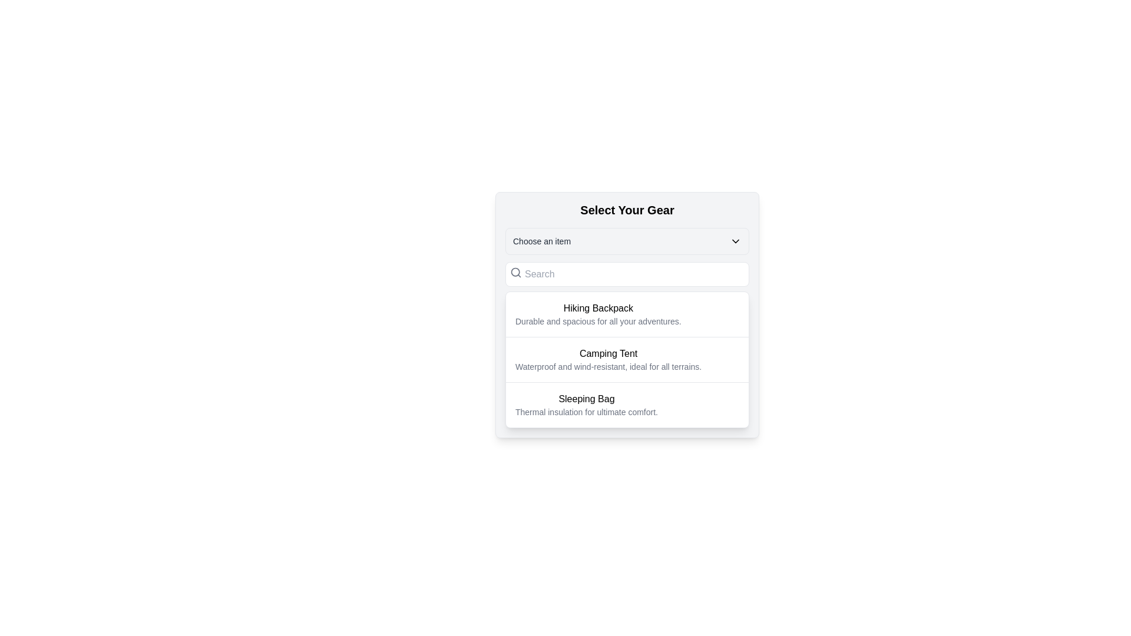  I want to click on the circular outline of the magnifying glass icon located in the left portion of the search bar, so click(515, 272).